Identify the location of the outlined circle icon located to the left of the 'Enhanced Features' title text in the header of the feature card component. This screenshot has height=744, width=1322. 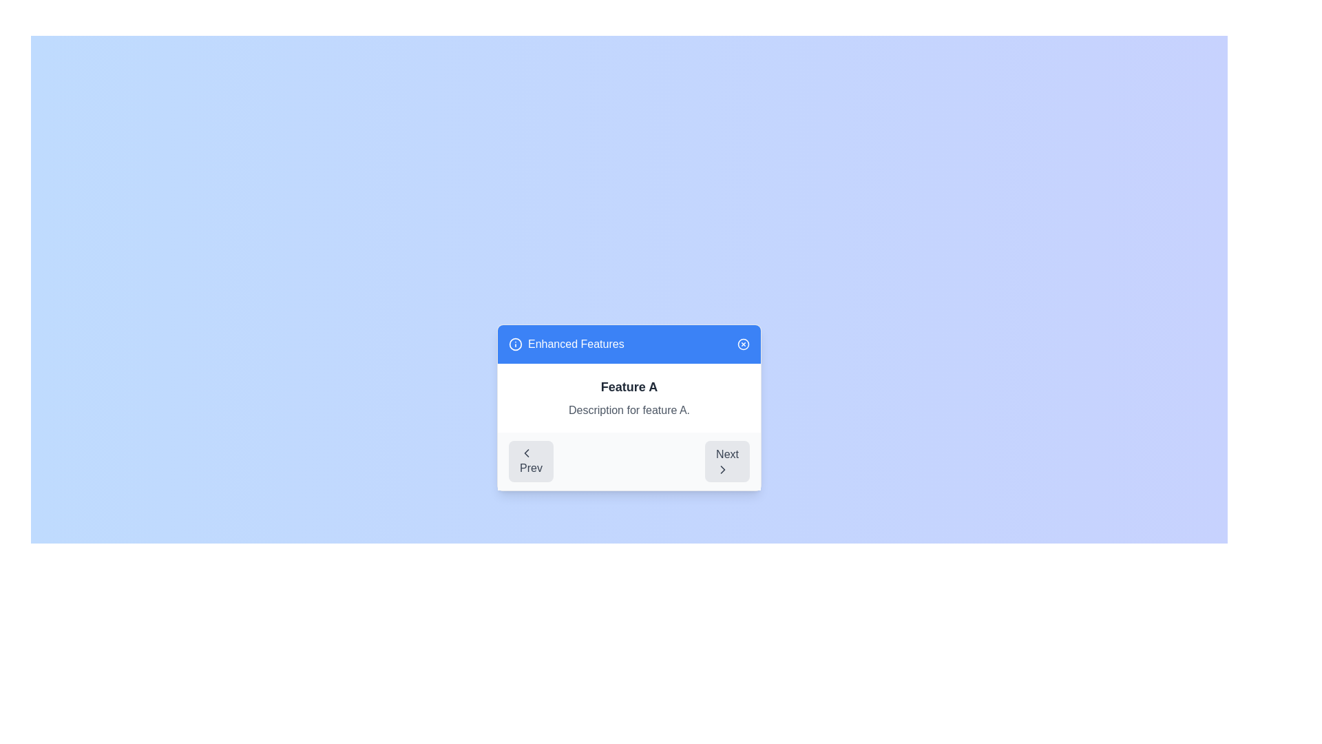
(514, 344).